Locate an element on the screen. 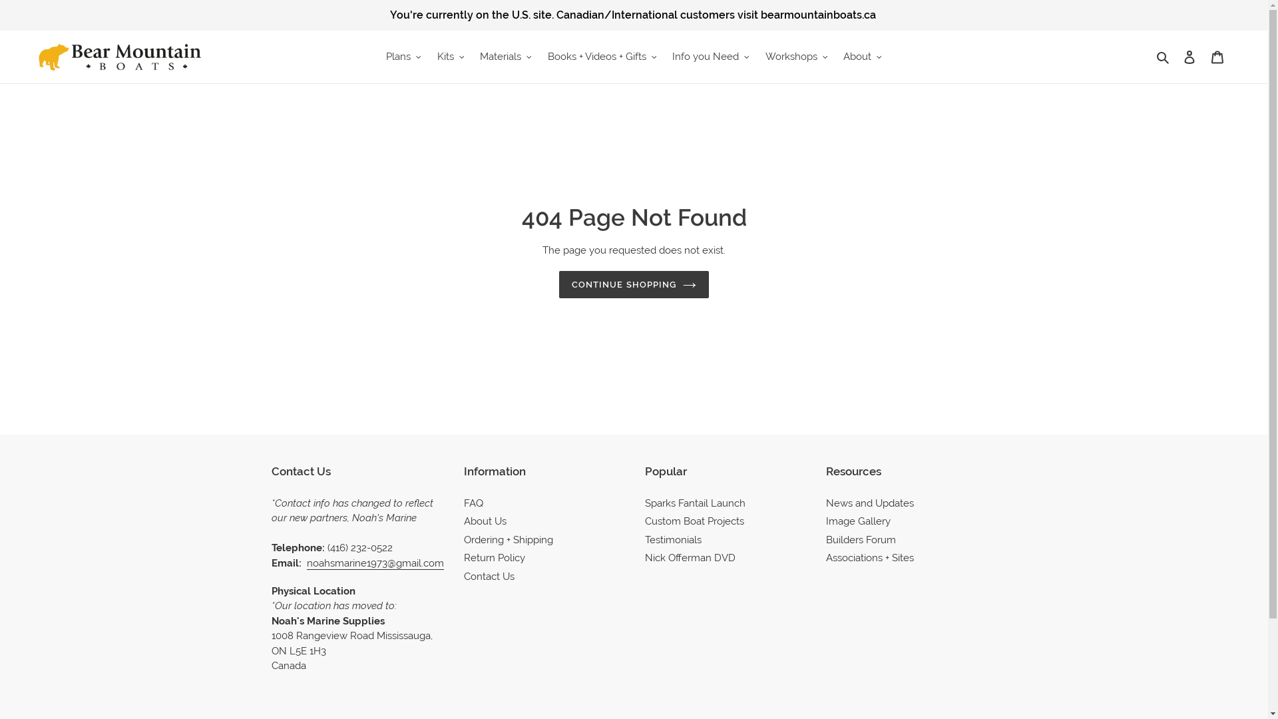 The image size is (1278, 719). 'Ordering + Shipping' is located at coordinates (463, 539).